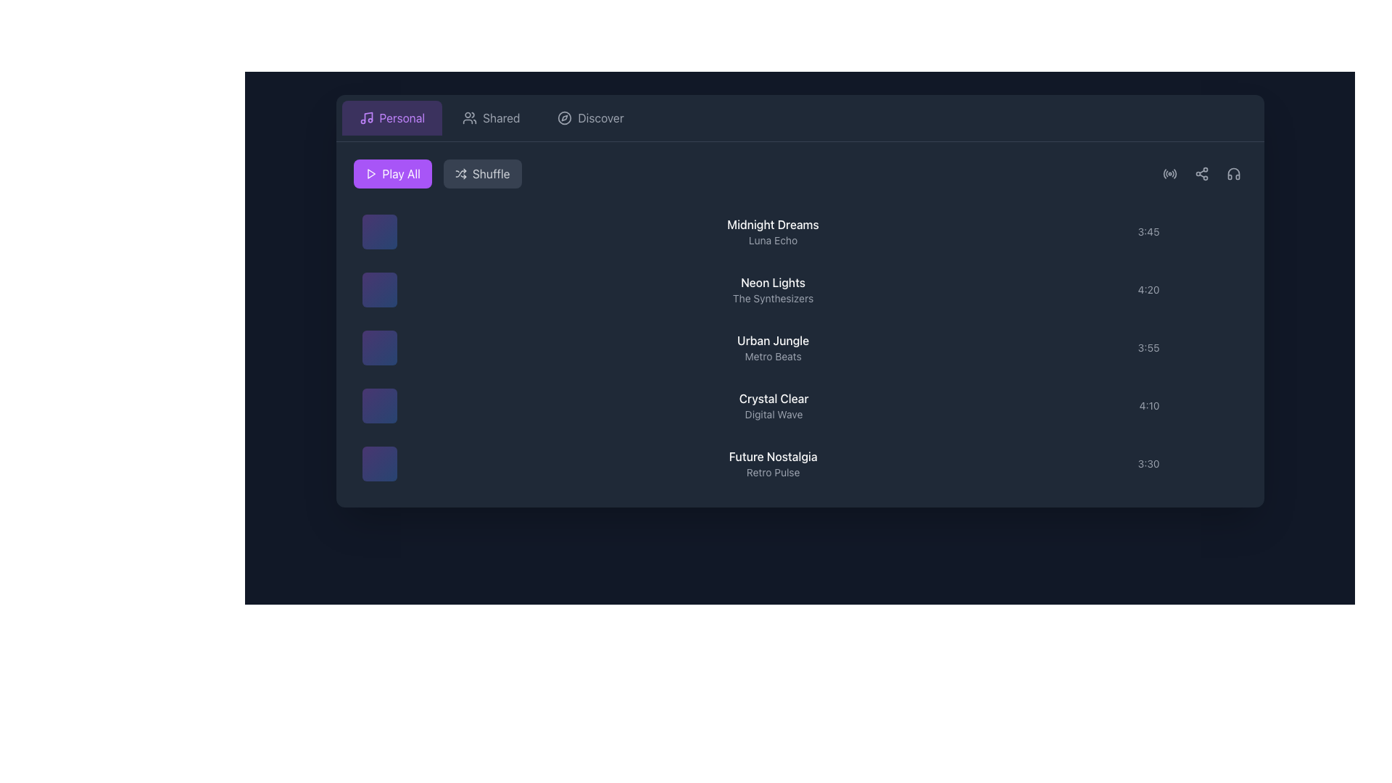 The width and height of the screenshot is (1392, 783). What do you see at coordinates (1148, 405) in the screenshot?
I see `the text label displaying the duration of the media item next to 'Crystal Clear' in the list` at bounding box center [1148, 405].